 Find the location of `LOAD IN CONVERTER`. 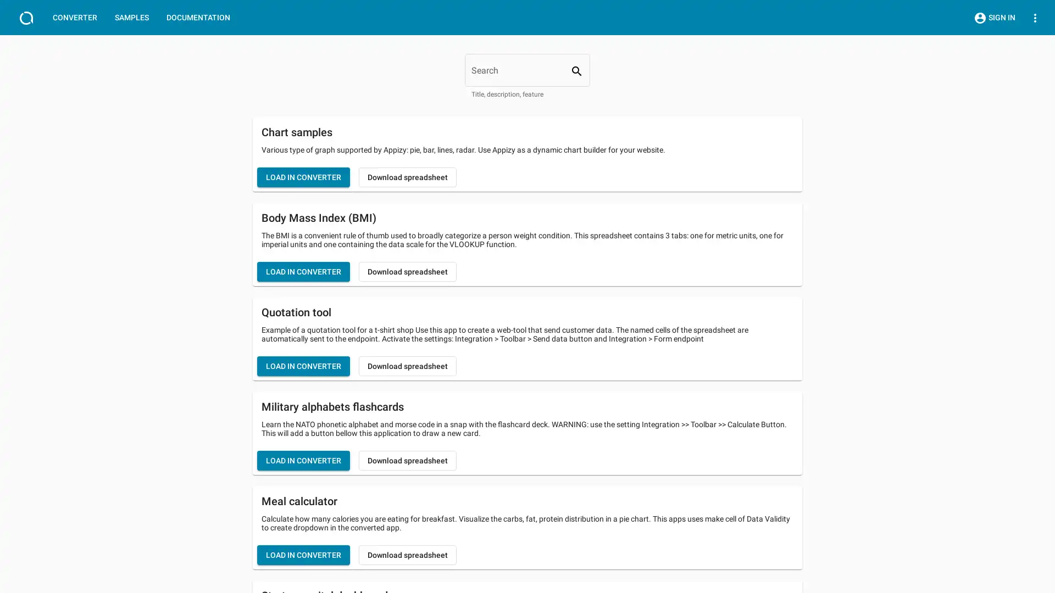

LOAD IN CONVERTER is located at coordinates (303, 271).